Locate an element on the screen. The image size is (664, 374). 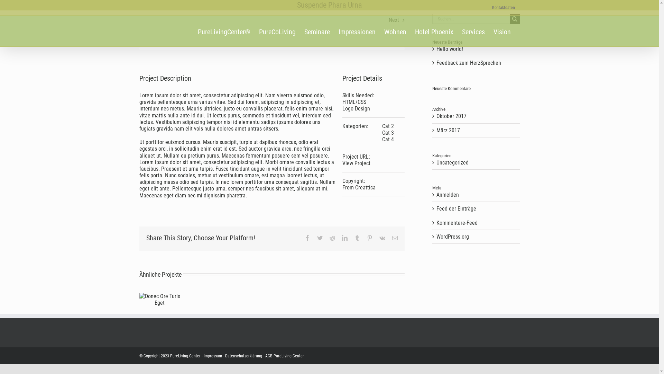
'WordPress.org' is located at coordinates (453, 236).